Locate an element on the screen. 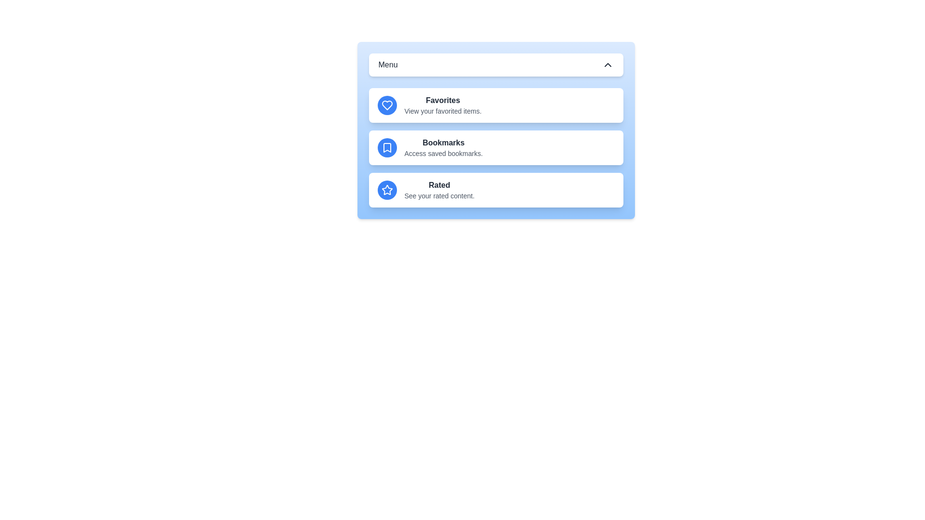  the menu toggle button to toggle its state is located at coordinates (496, 65).